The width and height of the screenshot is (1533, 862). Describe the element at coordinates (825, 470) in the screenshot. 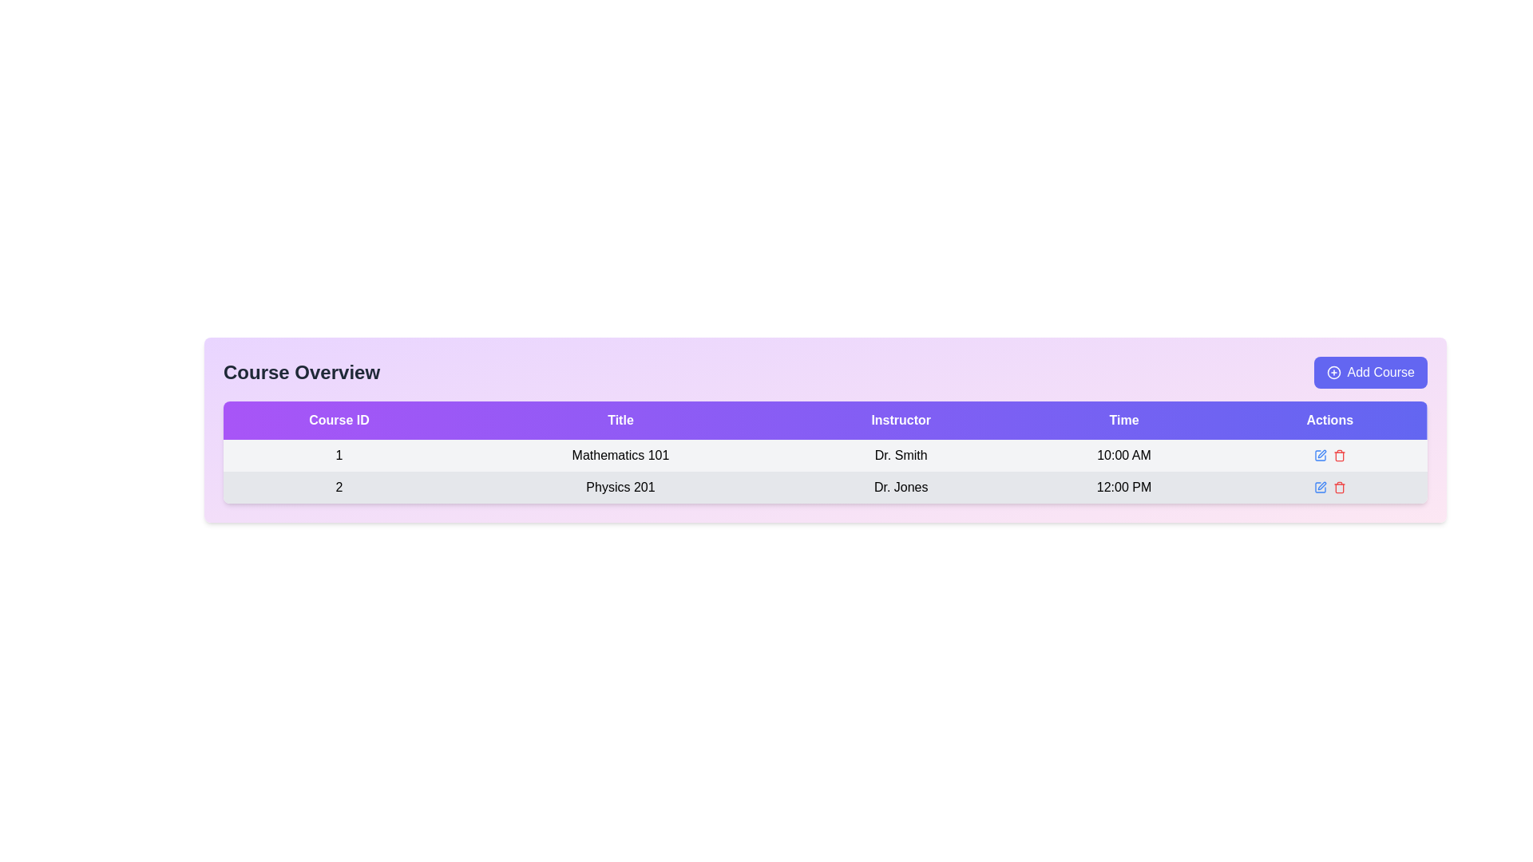

I see `the first course entry row in the table that contains details for 'Mathematics 101' taught by 'Dr. Smith' at '10:00 AM' for selection` at that location.